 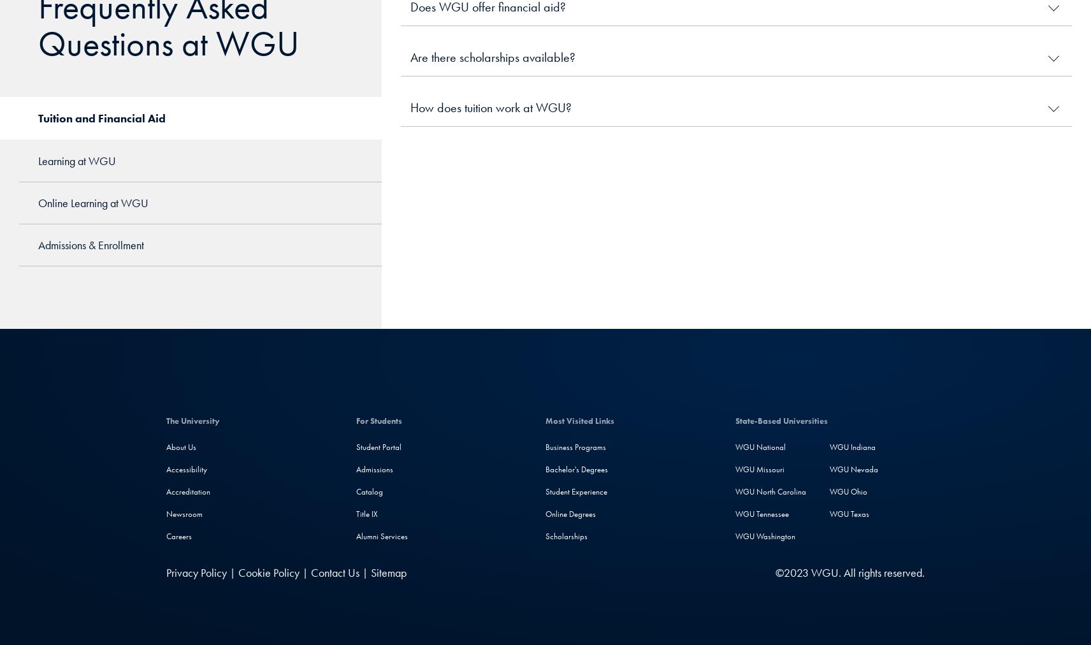 What do you see at coordinates (828, 469) in the screenshot?
I see `'WGU Nevada'` at bounding box center [828, 469].